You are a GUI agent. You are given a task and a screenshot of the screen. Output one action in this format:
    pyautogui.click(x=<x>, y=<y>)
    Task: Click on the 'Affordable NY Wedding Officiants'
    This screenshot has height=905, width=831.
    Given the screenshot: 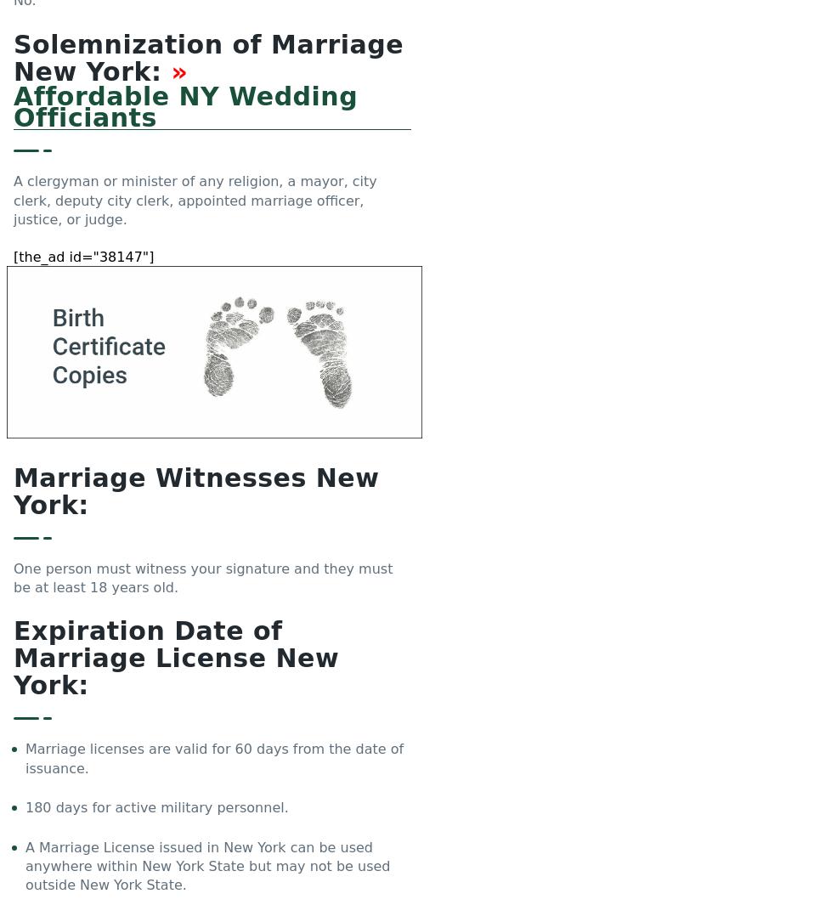 What is the action you would take?
    pyautogui.click(x=185, y=105)
    